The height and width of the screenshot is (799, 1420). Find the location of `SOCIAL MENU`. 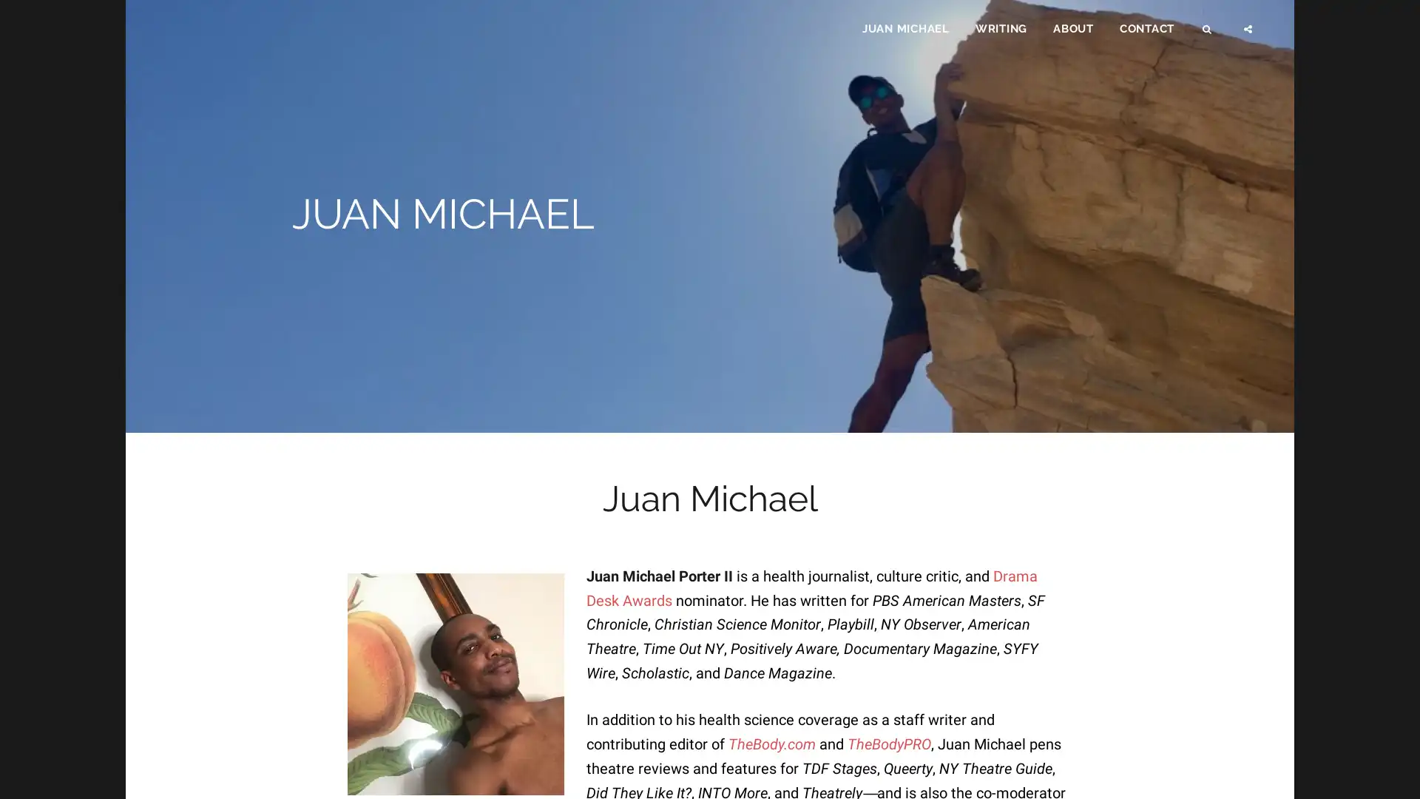

SOCIAL MENU is located at coordinates (1248, 34).